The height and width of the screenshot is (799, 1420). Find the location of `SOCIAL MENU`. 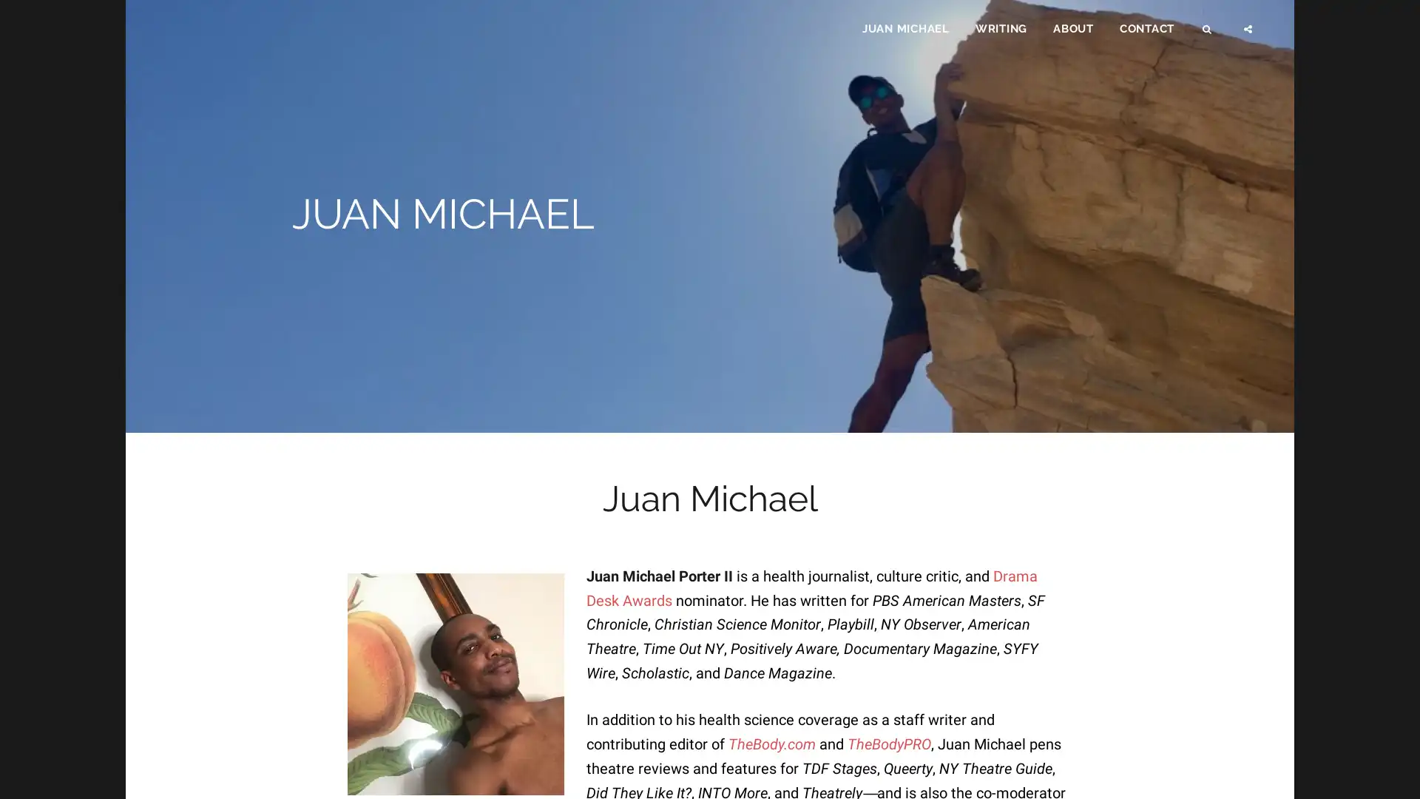

SOCIAL MENU is located at coordinates (1248, 34).